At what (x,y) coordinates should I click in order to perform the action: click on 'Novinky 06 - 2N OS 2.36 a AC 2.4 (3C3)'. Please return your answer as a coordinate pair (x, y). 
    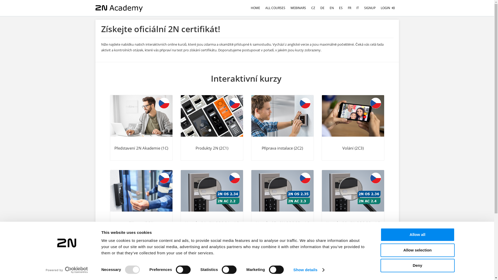
    Looking at the image, I should click on (353, 202).